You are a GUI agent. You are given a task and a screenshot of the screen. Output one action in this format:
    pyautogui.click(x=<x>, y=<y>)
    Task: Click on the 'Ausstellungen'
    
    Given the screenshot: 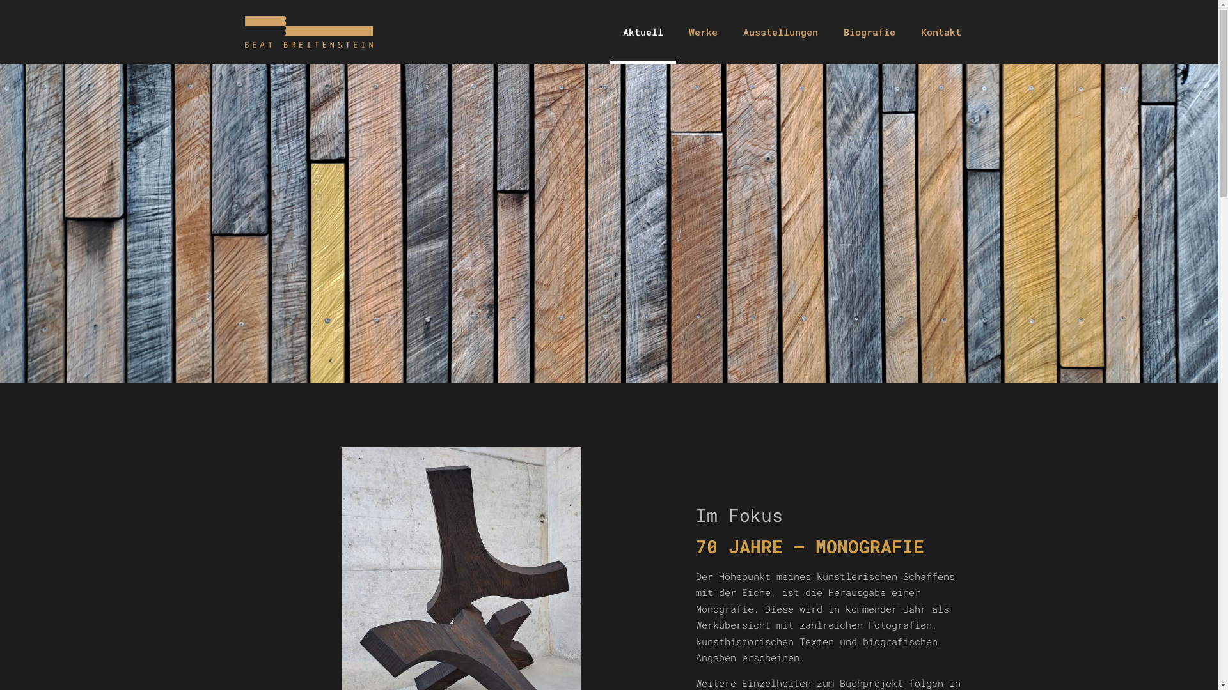 What is the action you would take?
    pyautogui.click(x=780, y=31)
    